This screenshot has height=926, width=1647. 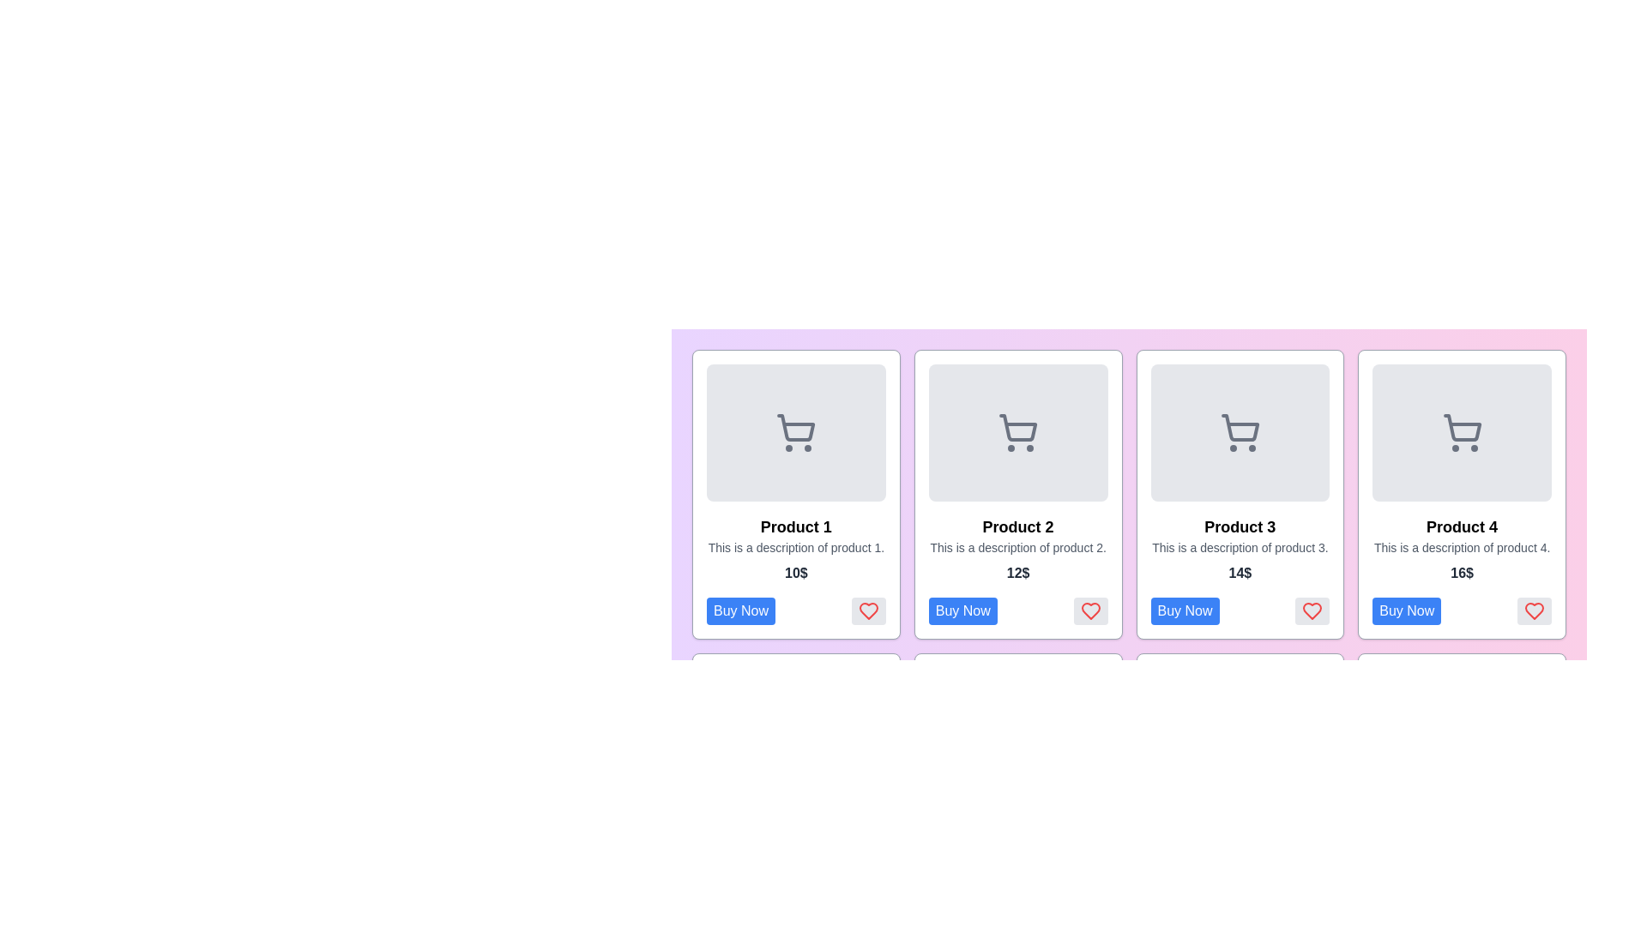 What do you see at coordinates (1089, 610) in the screenshot?
I see `the red heart-shaped icon located below the product description and next to the 'Buy Now' button in the Product 2 card` at bounding box center [1089, 610].